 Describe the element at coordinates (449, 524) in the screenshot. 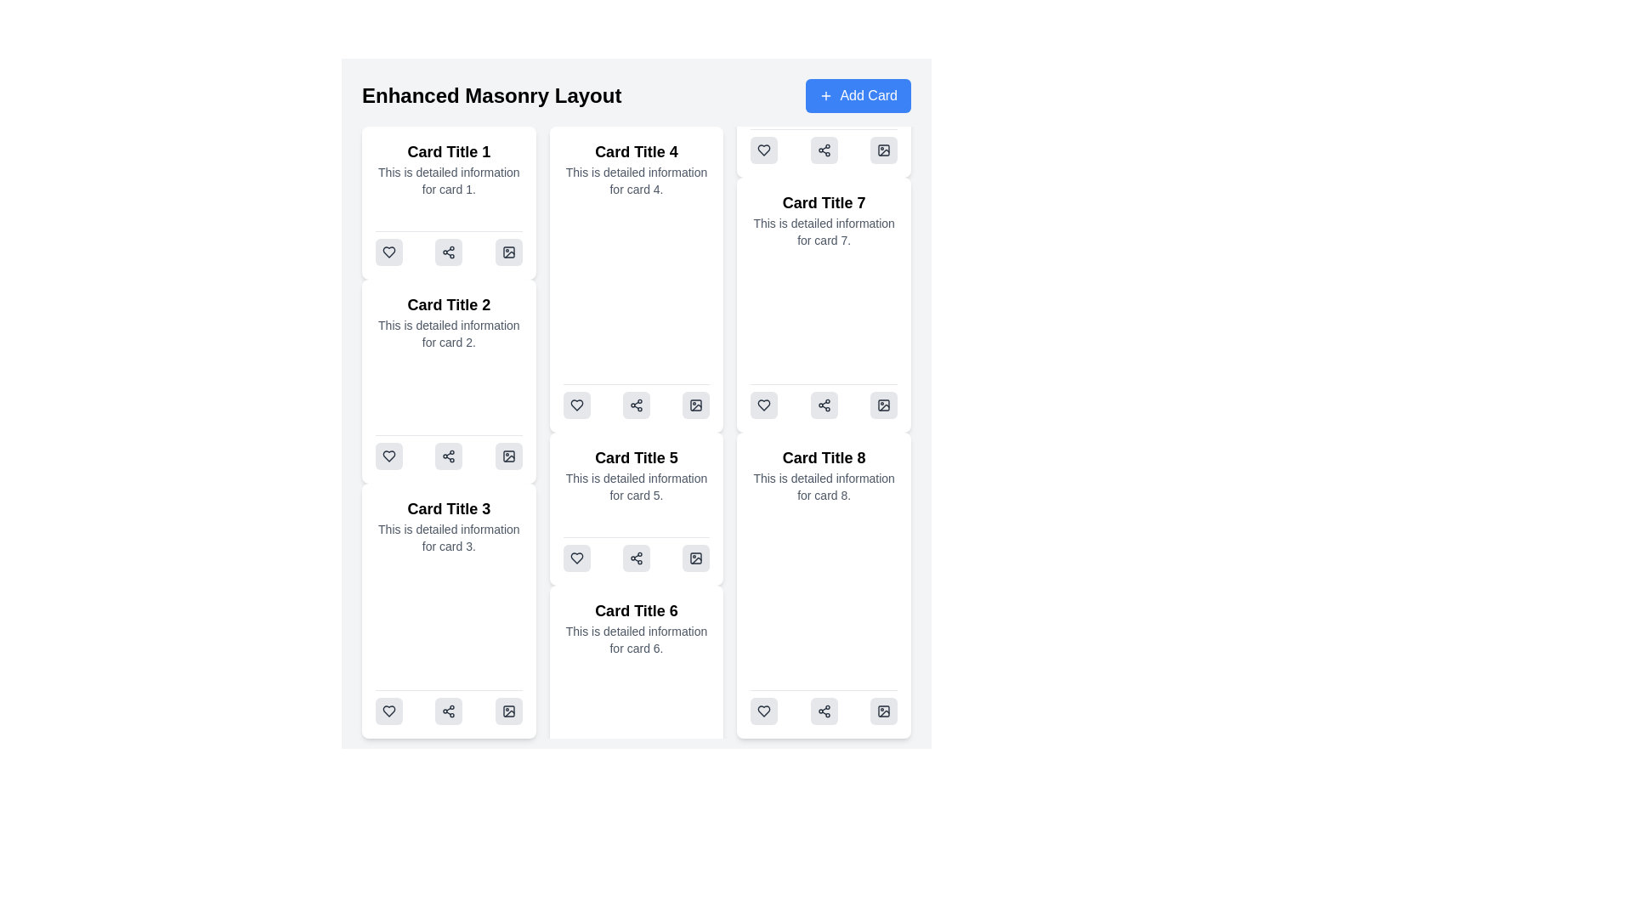

I see `information displayed in the text block titled 'Card Title 3', which contains the descriptive line 'This is detailed information for card 3.'` at that location.